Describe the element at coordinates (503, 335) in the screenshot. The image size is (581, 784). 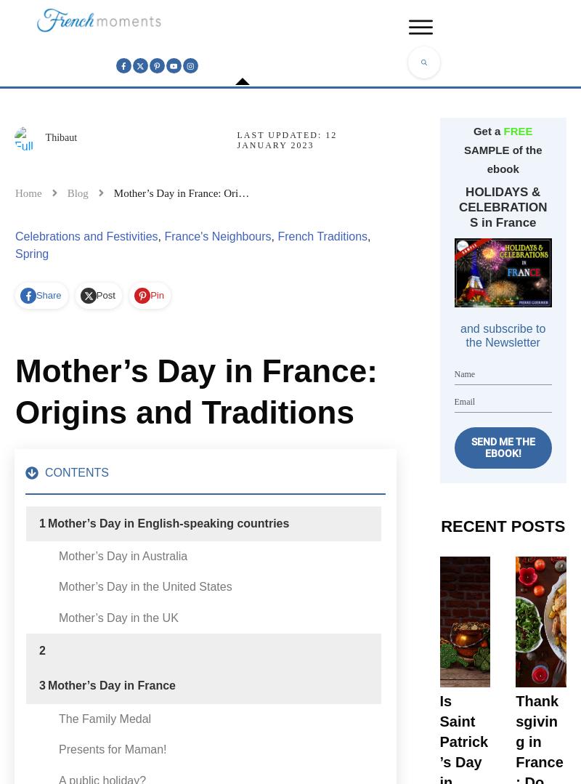
I see `'and subscribe to the Newsletter'` at that location.